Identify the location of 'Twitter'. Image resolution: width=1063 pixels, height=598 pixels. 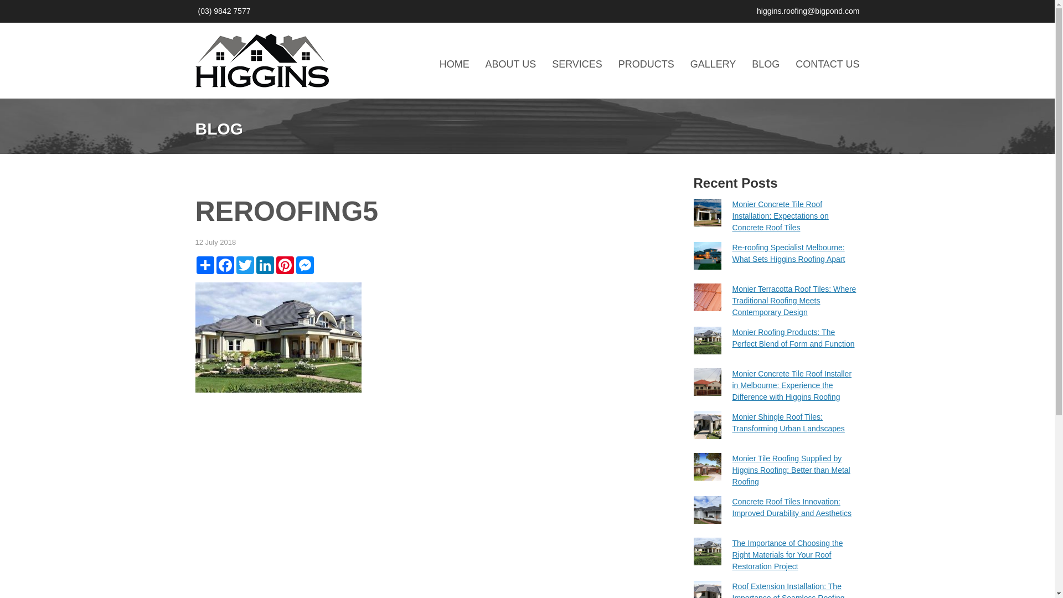
(244, 265).